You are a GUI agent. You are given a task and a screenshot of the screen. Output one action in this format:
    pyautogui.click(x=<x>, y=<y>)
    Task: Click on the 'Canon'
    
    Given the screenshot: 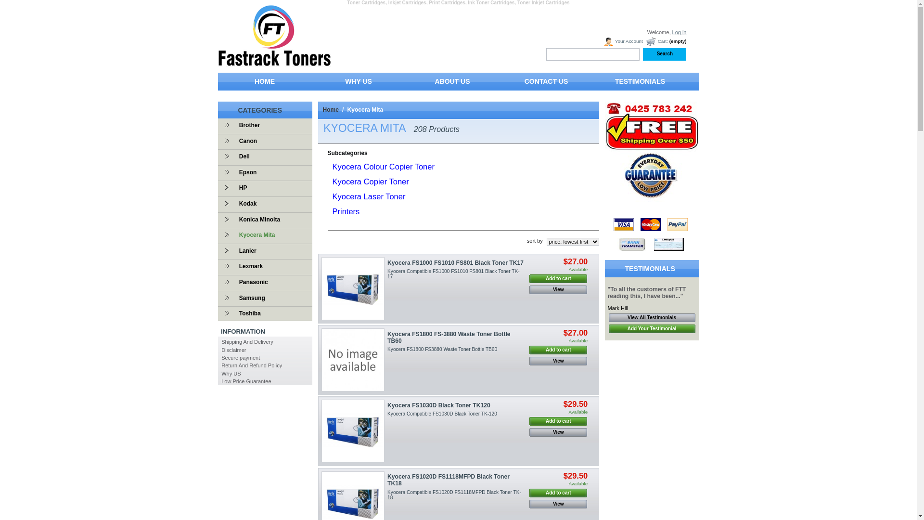 What is the action you would take?
    pyautogui.click(x=245, y=141)
    